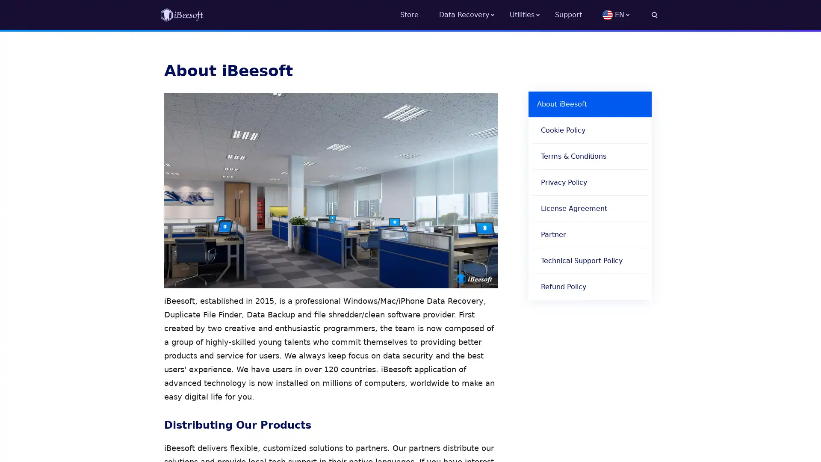 This screenshot has width=821, height=462. Describe the element at coordinates (474, 15) in the screenshot. I see `products` at that location.